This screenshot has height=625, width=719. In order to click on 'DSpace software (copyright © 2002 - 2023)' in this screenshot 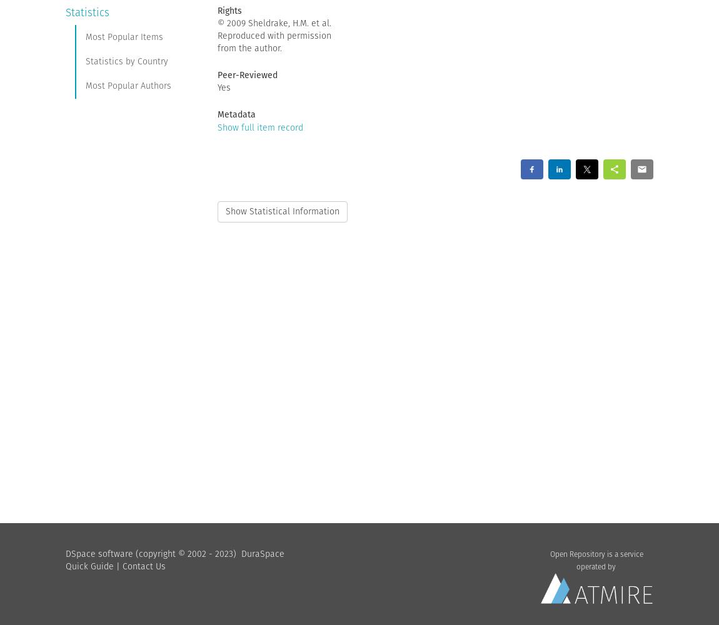, I will do `click(150, 553)`.